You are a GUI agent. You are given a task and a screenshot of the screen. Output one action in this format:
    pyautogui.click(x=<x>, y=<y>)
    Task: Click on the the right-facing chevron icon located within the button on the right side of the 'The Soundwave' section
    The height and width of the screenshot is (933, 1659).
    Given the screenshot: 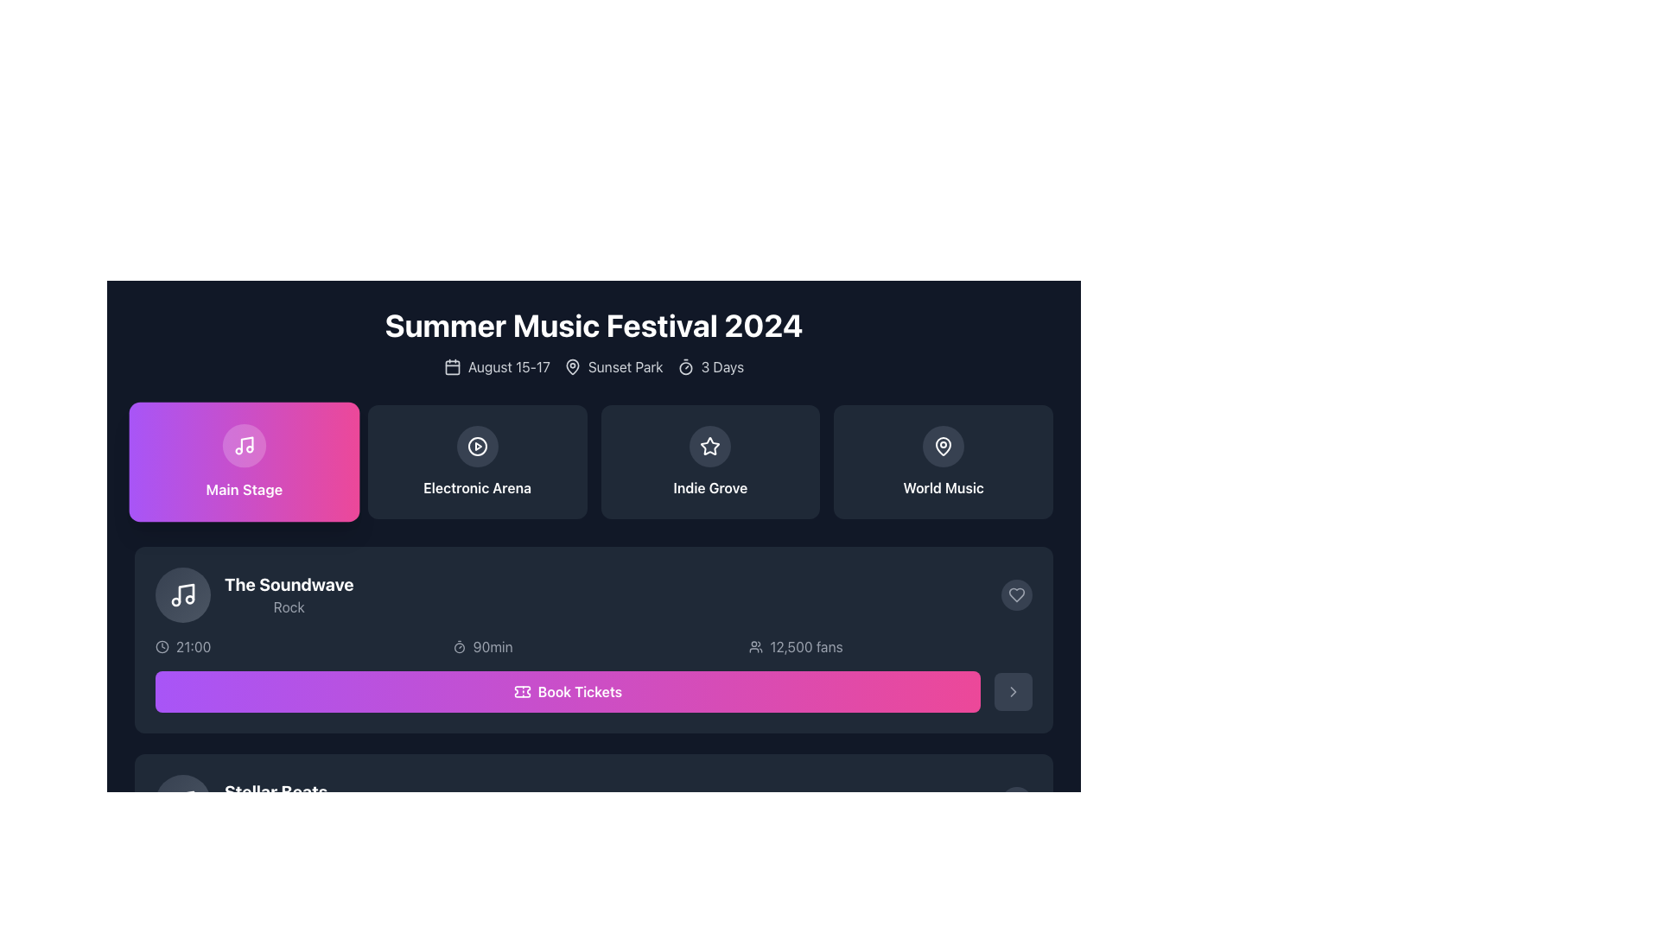 What is the action you would take?
    pyautogui.click(x=1013, y=691)
    